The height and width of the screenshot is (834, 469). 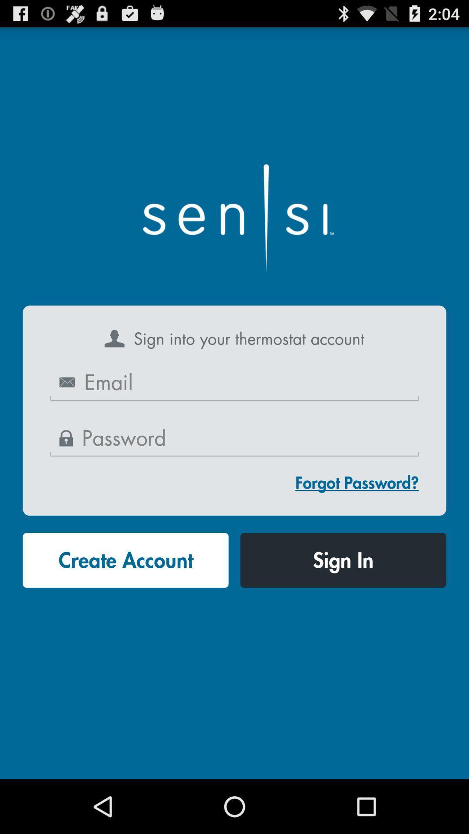 What do you see at coordinates (234, 383) in the screenshot?
I see `email address` at bounding box center [234, 383].